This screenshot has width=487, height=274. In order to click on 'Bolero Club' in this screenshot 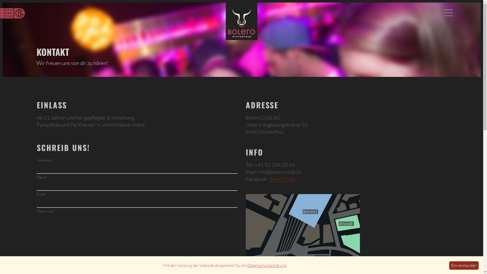, I will do `click(282, 179)`.